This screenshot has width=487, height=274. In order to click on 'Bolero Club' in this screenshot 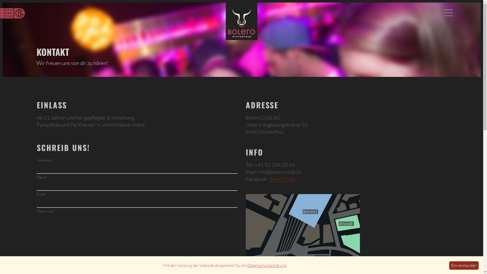, I will do `click(282, 179)`.